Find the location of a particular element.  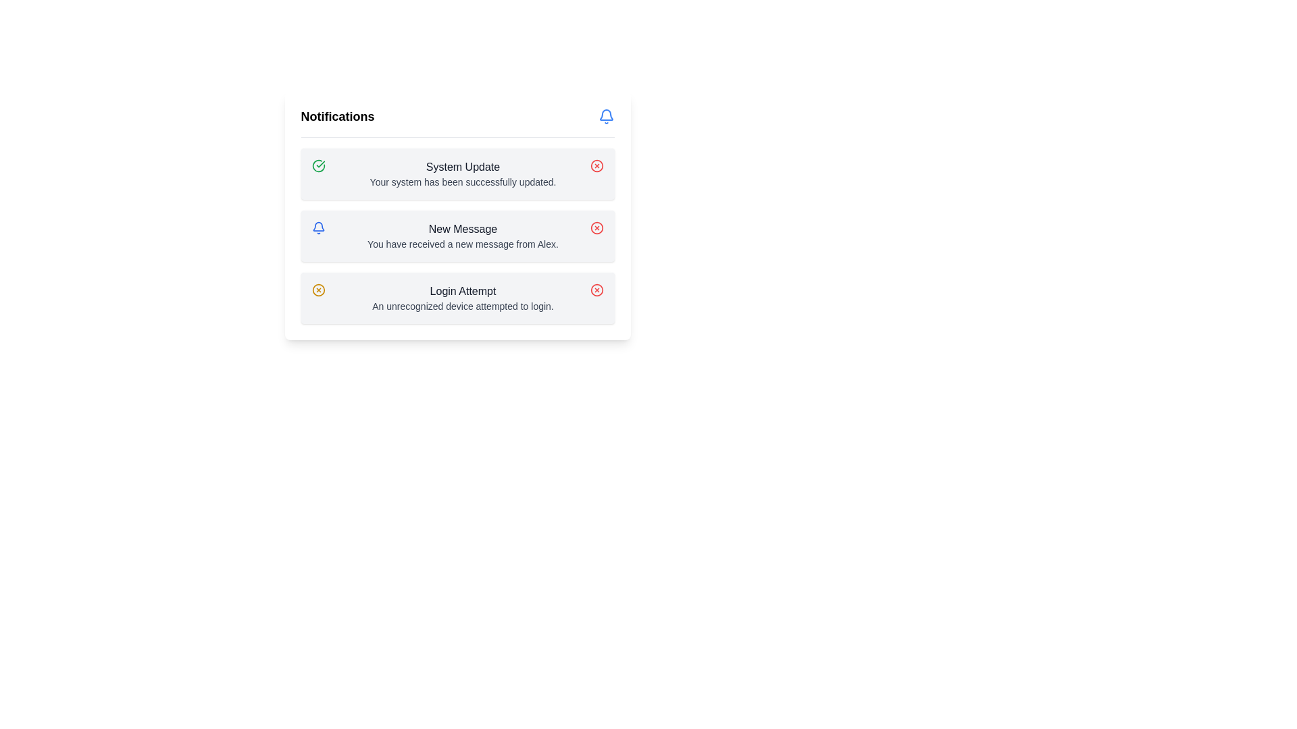

the notification item from sender Alex, which is the second item in the vertical list of notifications is located at coordinates (463, 236).